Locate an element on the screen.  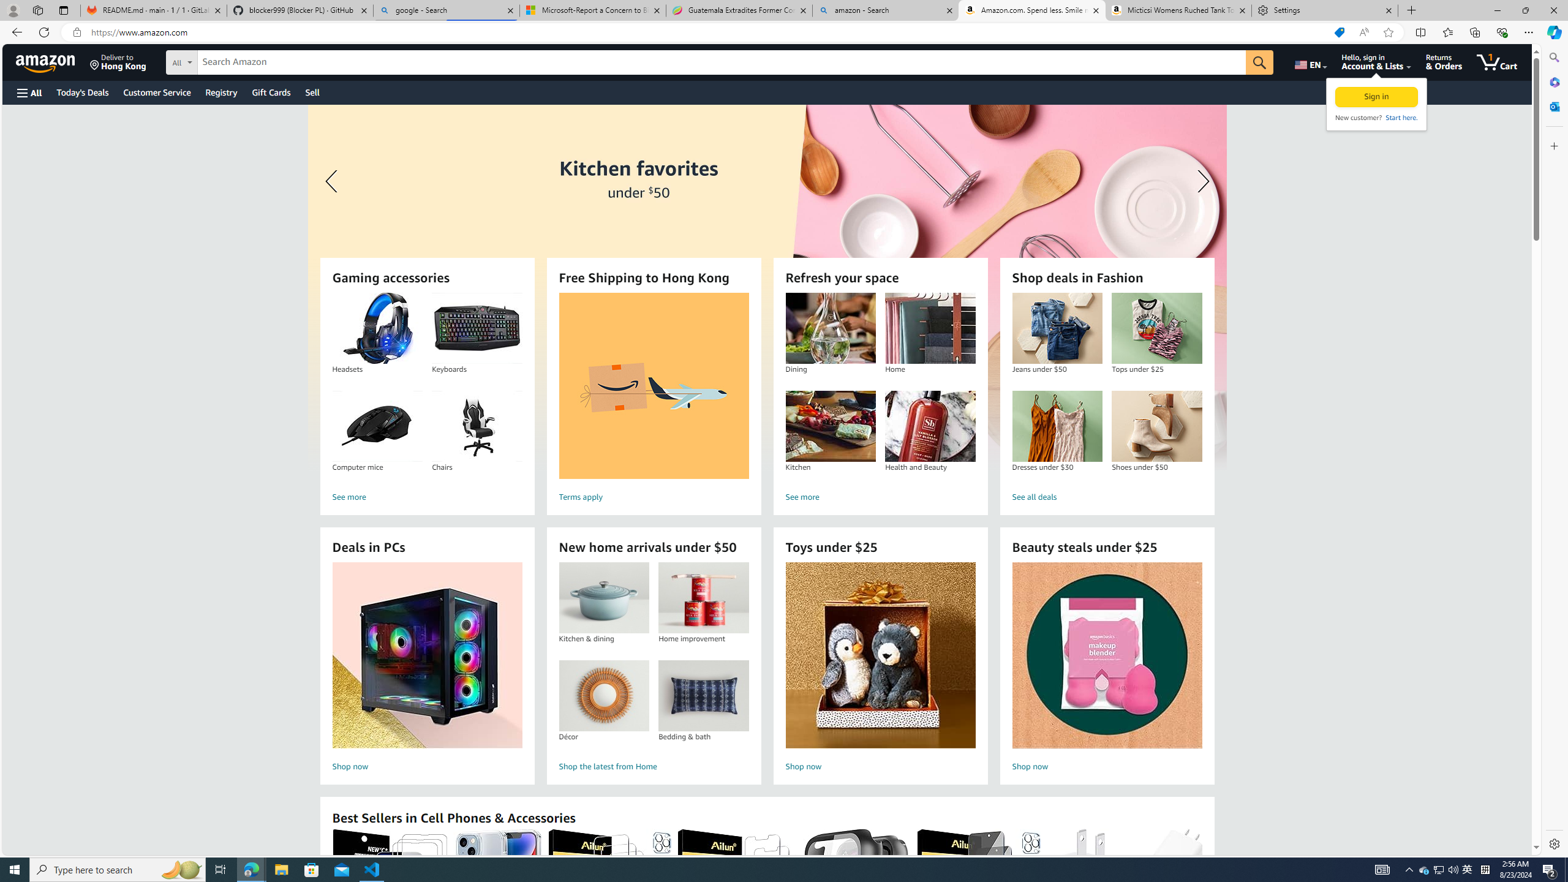
'Dresses under $30' is located at coordinates (1057, 426).